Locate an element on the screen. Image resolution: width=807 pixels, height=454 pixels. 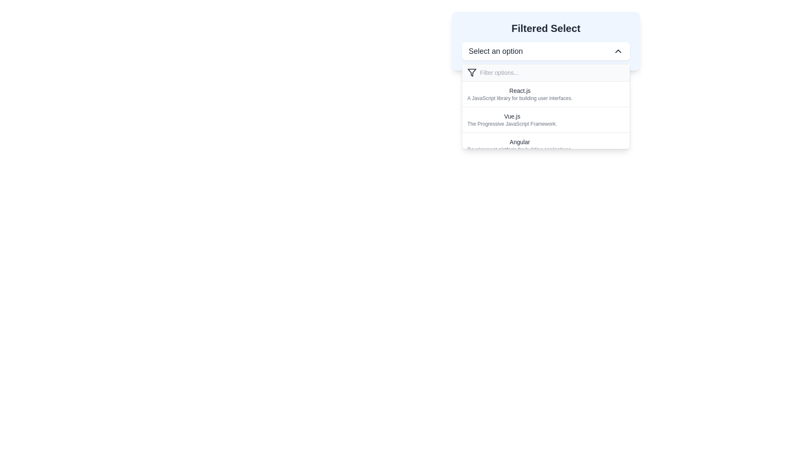
the second entry in the dropdown menu labeled 'Vue.js', which includes the description 'The Progressive JavaScript Framework.' is located at coordinates (546, 119).